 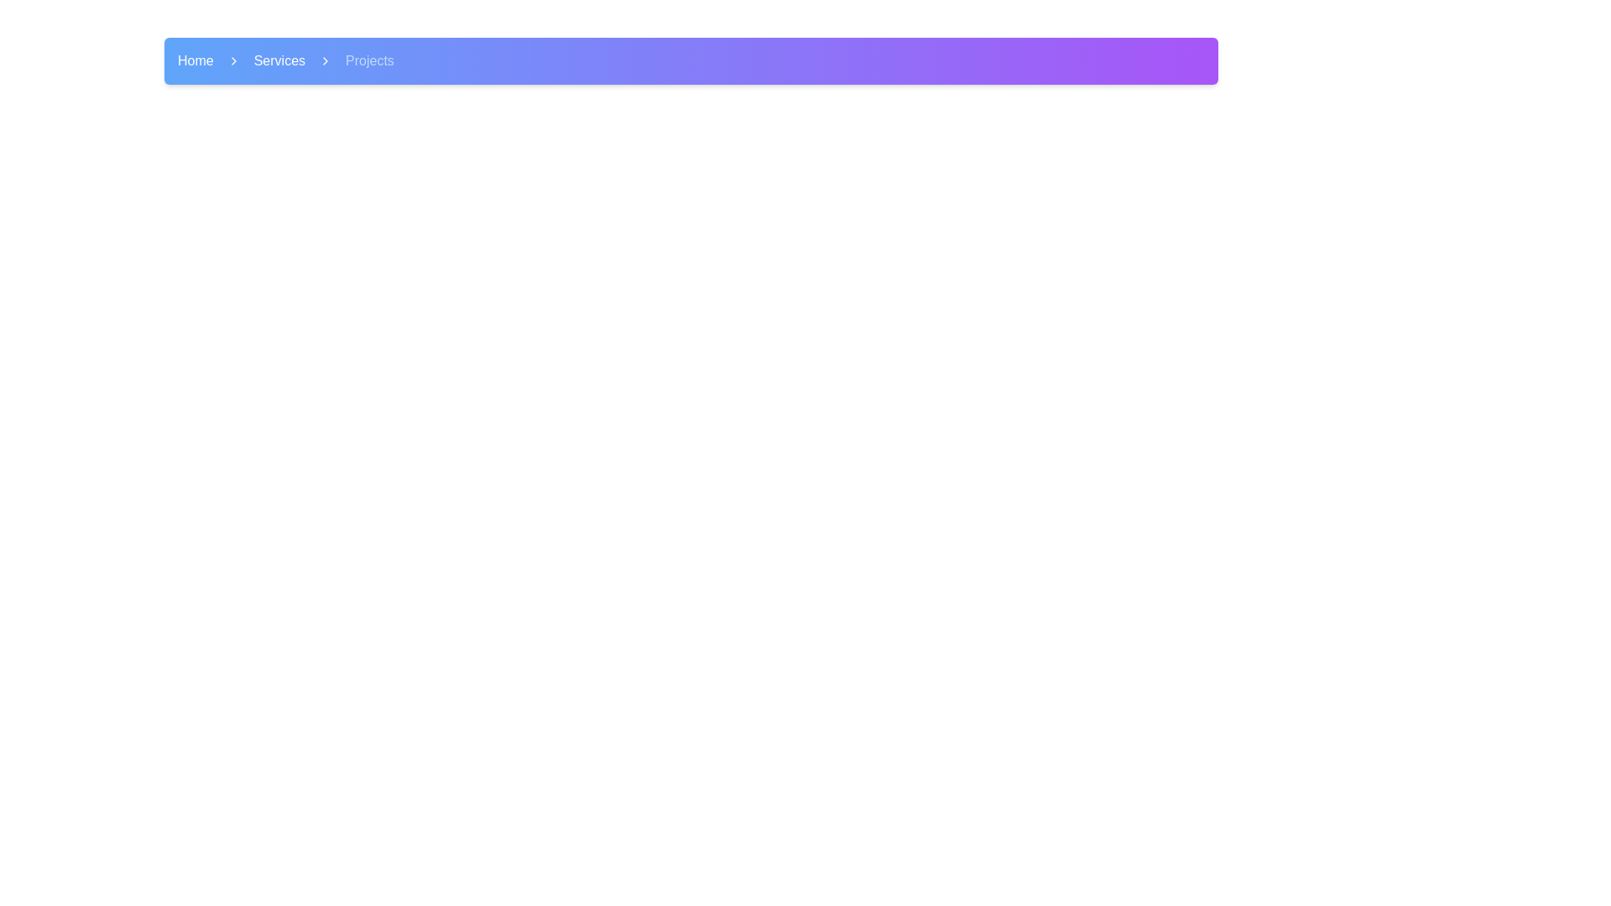 I want to click on the 'Home' hyperlink located in the top-left corner of the navigation bar, so click(x=196, y=60).